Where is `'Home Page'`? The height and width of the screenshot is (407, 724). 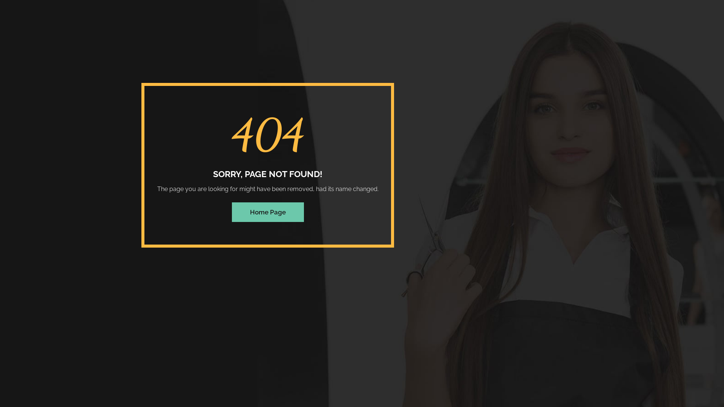
'Home Page' is located at coordinates (267, 212).